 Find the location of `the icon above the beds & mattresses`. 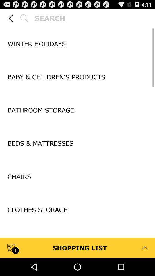

the icon above the beds & mattresses is located at coordinates (77, 127).